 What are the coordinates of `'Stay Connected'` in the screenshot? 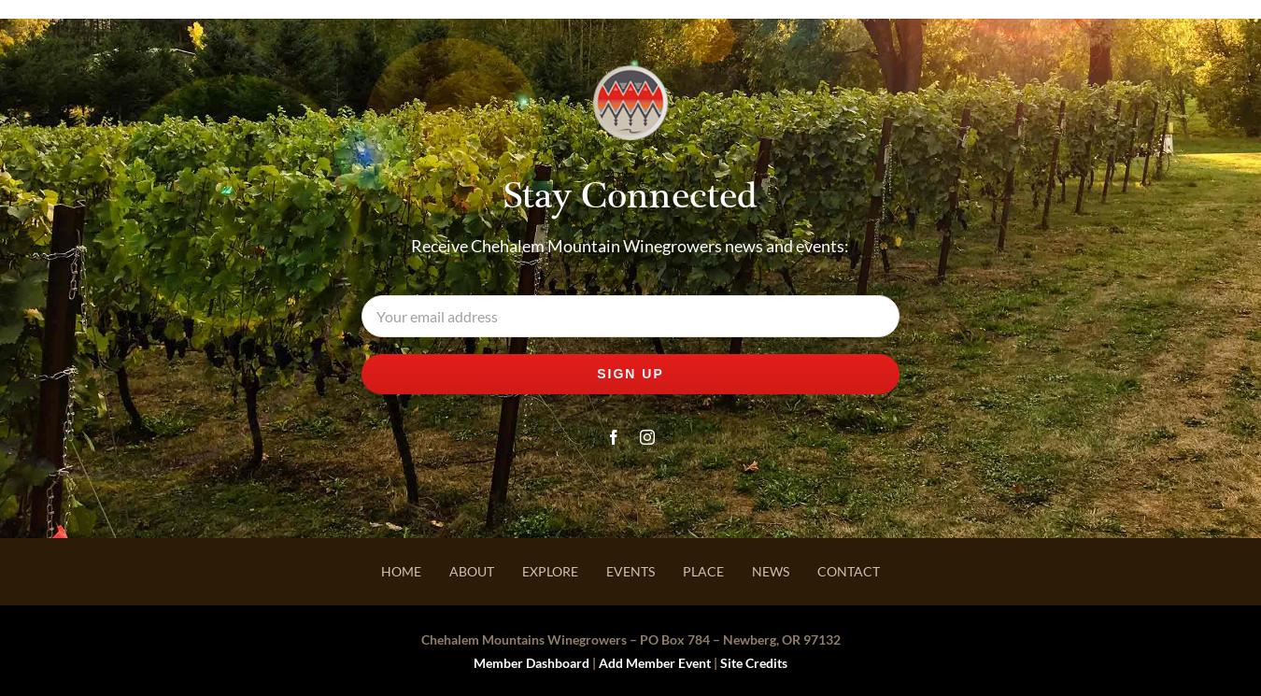 It's located at (630, 194).